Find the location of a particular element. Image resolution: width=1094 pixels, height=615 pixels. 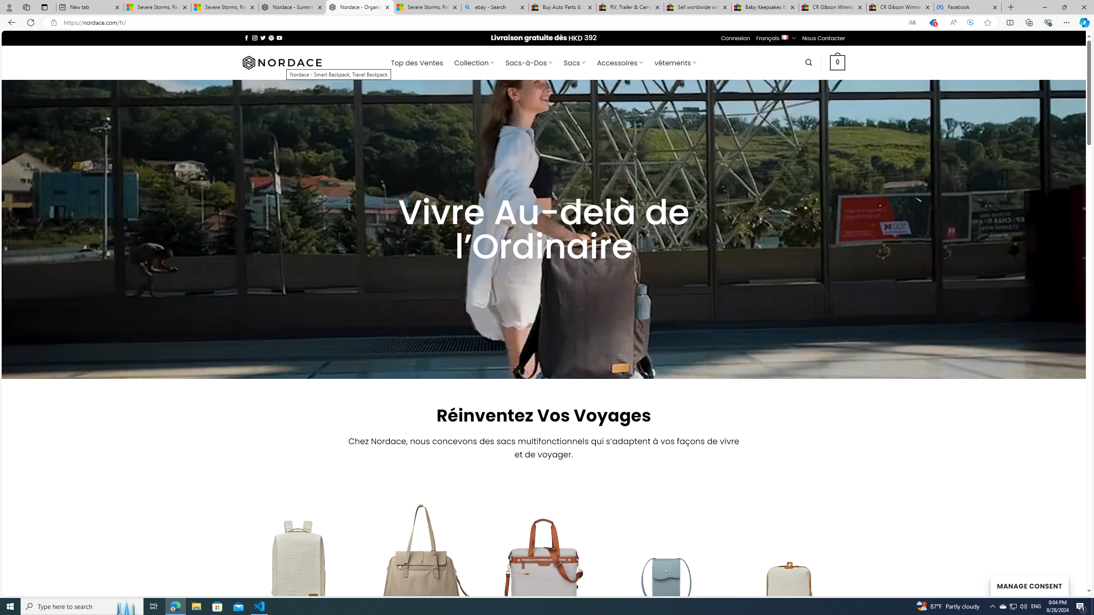

'  Top des Ventes' is located at coordinates (416, 62).